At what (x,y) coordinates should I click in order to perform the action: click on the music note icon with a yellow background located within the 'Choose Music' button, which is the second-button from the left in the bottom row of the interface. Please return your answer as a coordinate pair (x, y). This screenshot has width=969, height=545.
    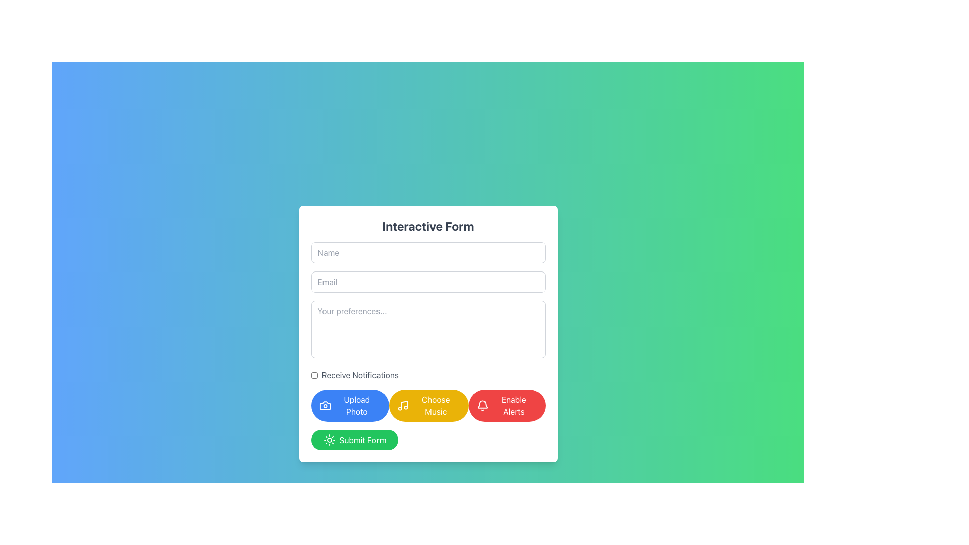
    Looking at the image, I should click on (402, 405).